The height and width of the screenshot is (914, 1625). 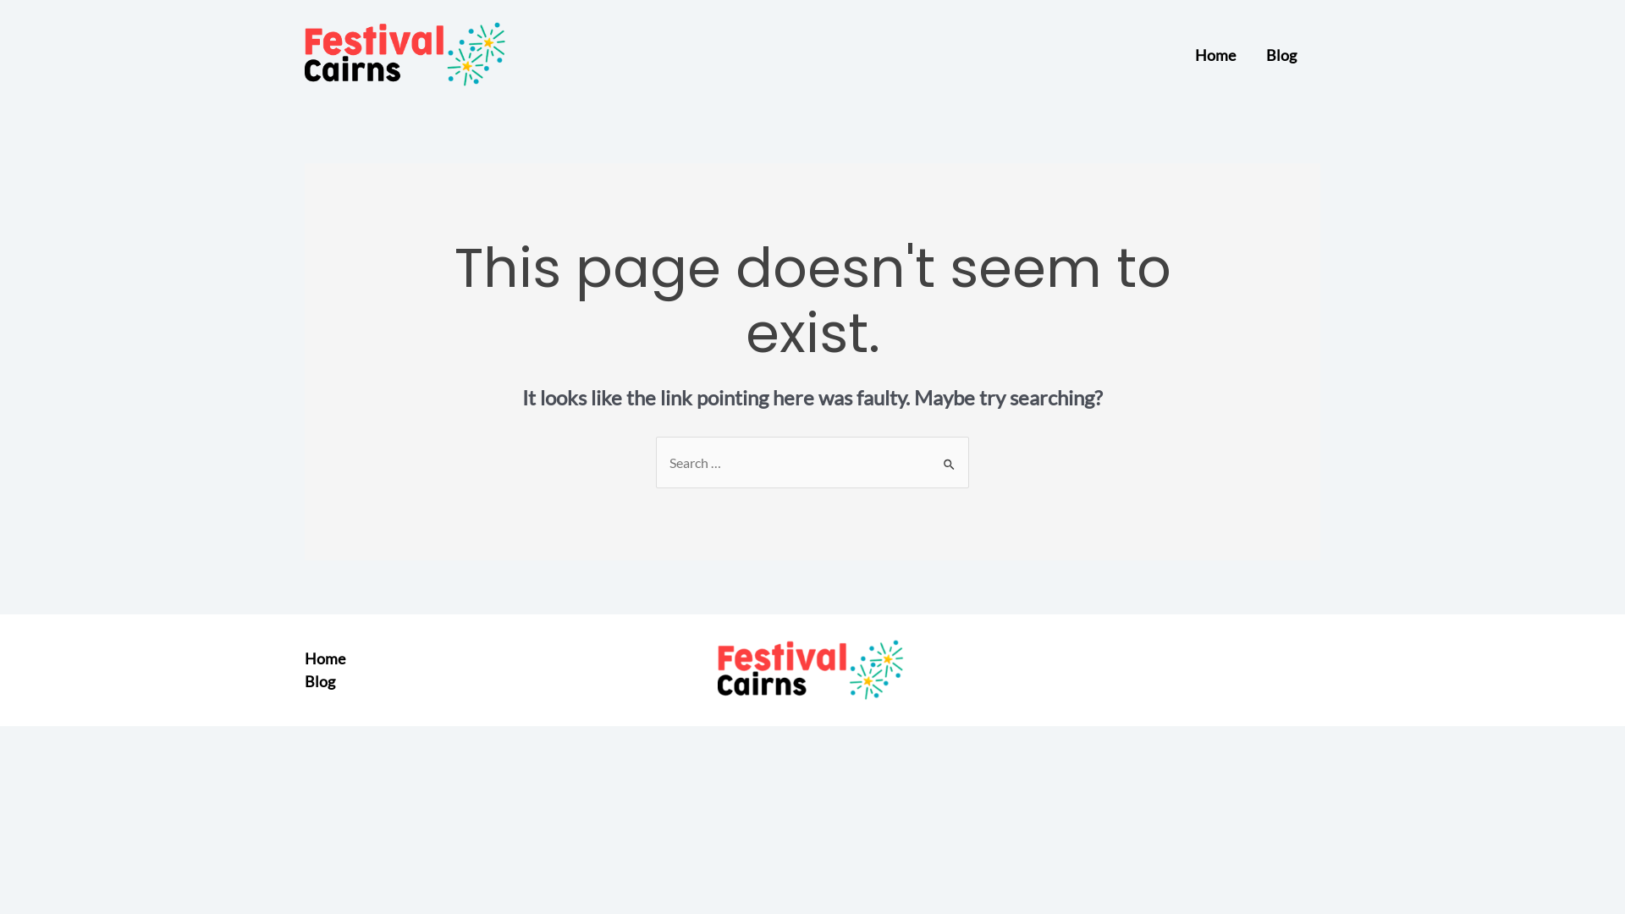 I want to click on 'Home', so click(x=305, y=658).